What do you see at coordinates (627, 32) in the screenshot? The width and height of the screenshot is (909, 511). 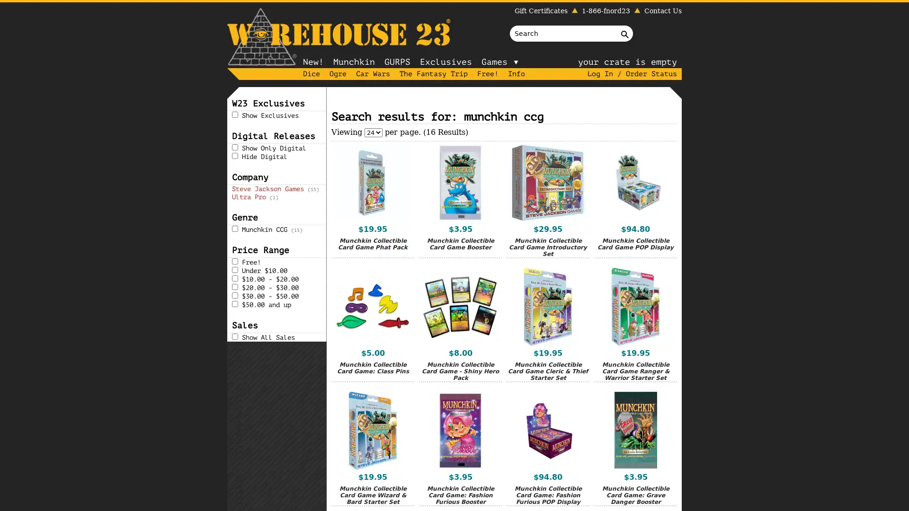 I see `Search` at bounding box center [627, 32].